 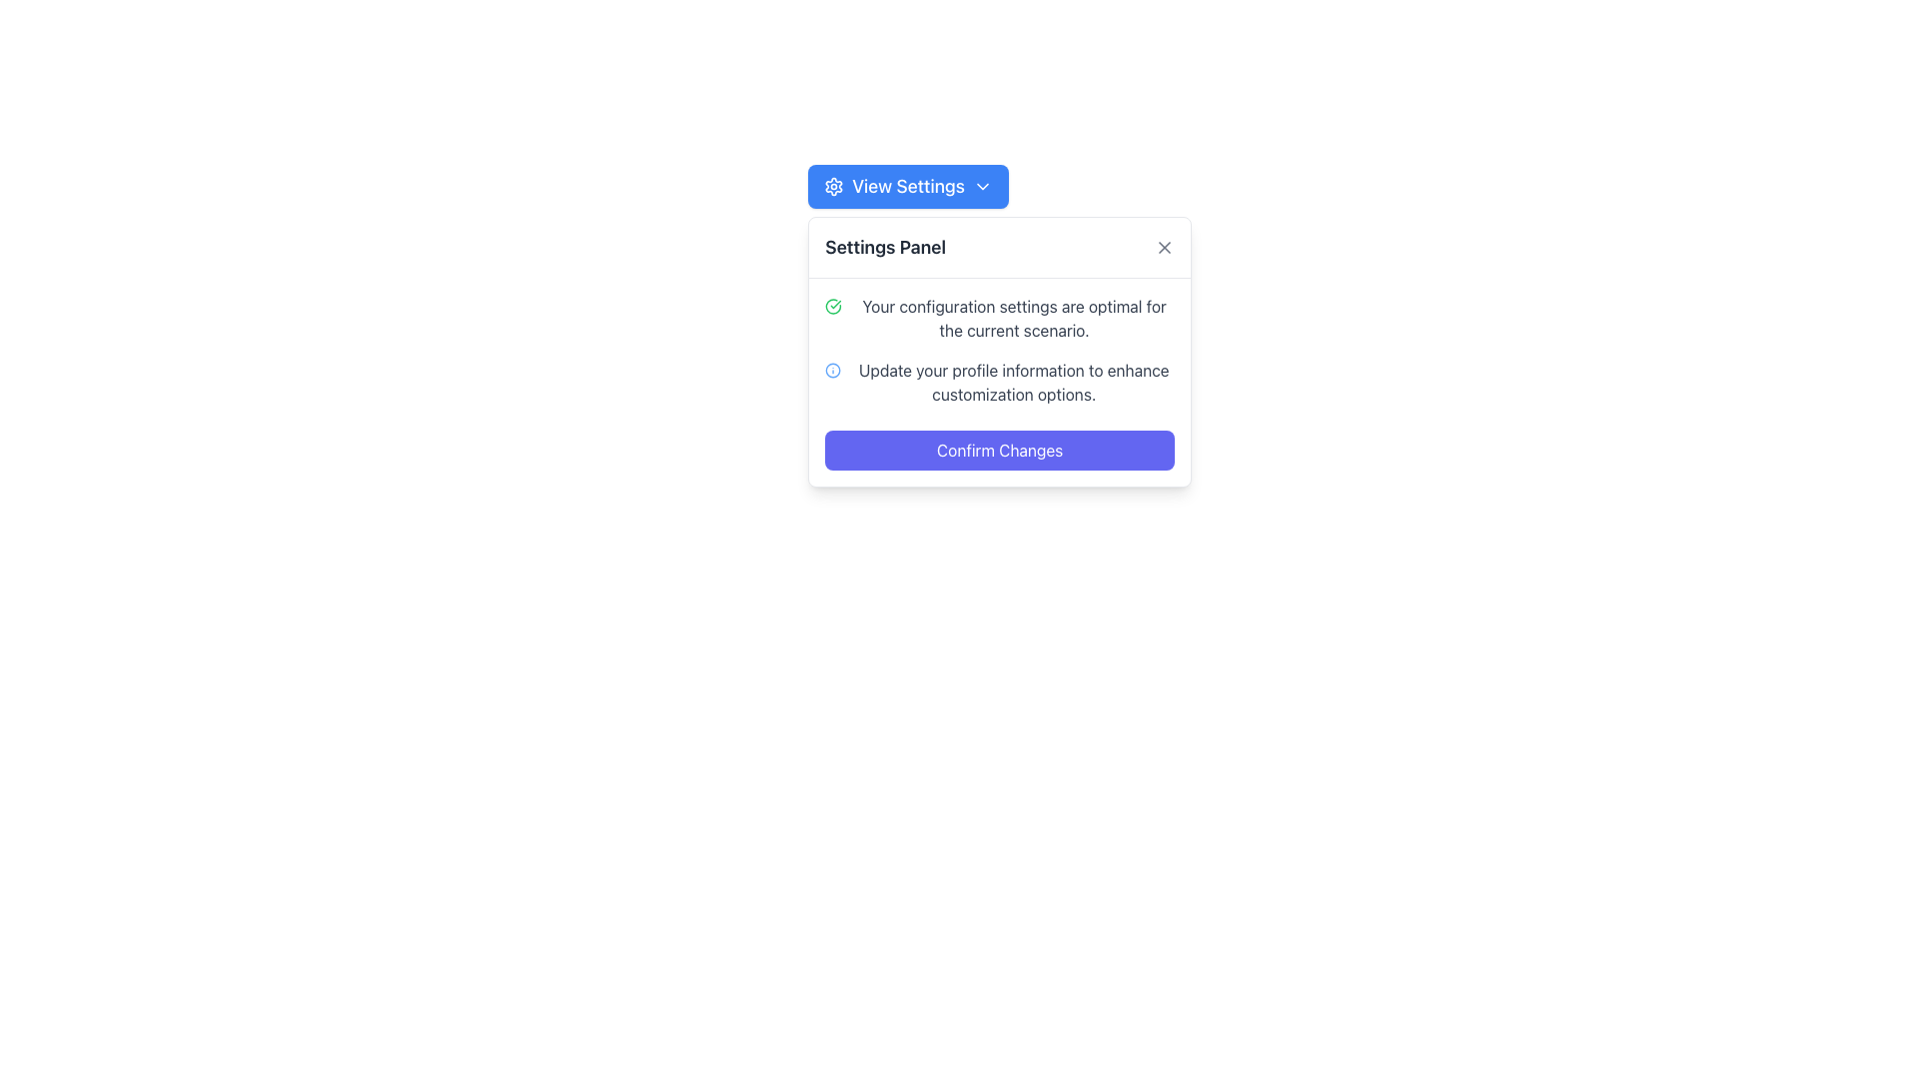 What do you see at coordinates (833, 370) in the screenshot?
I see `the circular icon with a blue outline and an exclamation mark in the center, located at the beginning of a row explaining customization options` at bounding box center [833, 370].